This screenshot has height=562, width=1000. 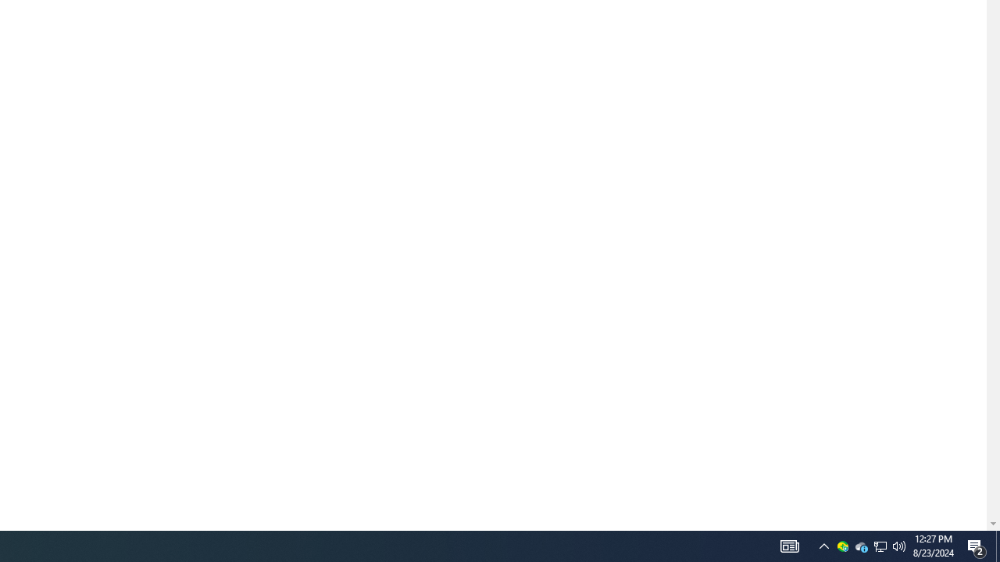 I want to click on 'System Promoted Notification Area', so click(x=880, y=545).